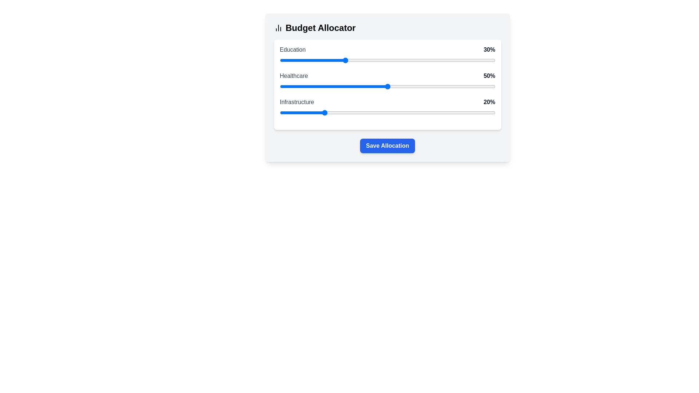 This screenshot has width=699, height=393. What do you see at coordinates (389, 112) in the screenshot?
I see `infrastructure allocation` at bounding box center [389, 112].